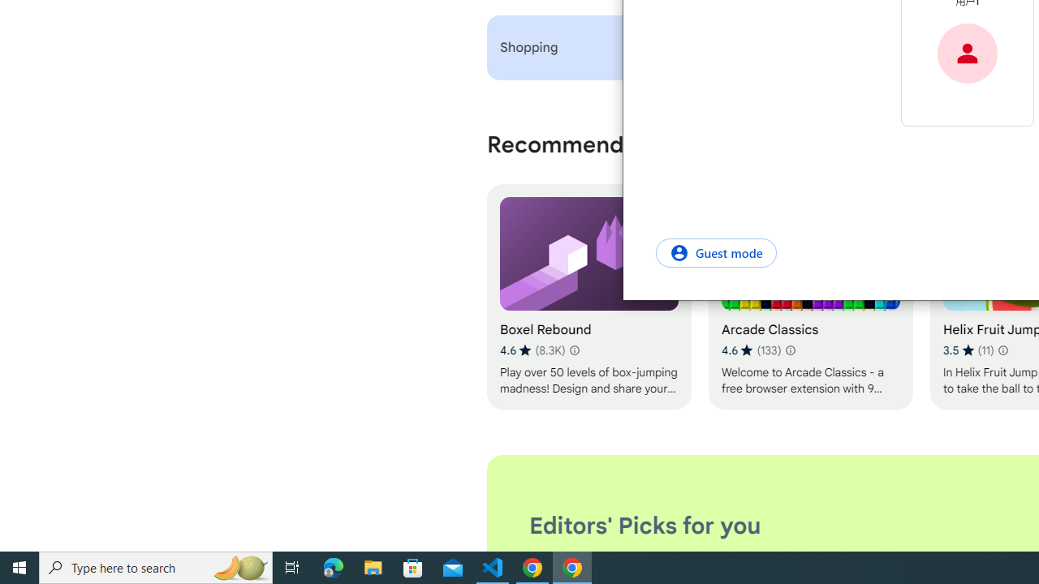 Image resolution: width=1039 pixels, height=584 pixels. I want to click on 'Start', so click(19, 566).